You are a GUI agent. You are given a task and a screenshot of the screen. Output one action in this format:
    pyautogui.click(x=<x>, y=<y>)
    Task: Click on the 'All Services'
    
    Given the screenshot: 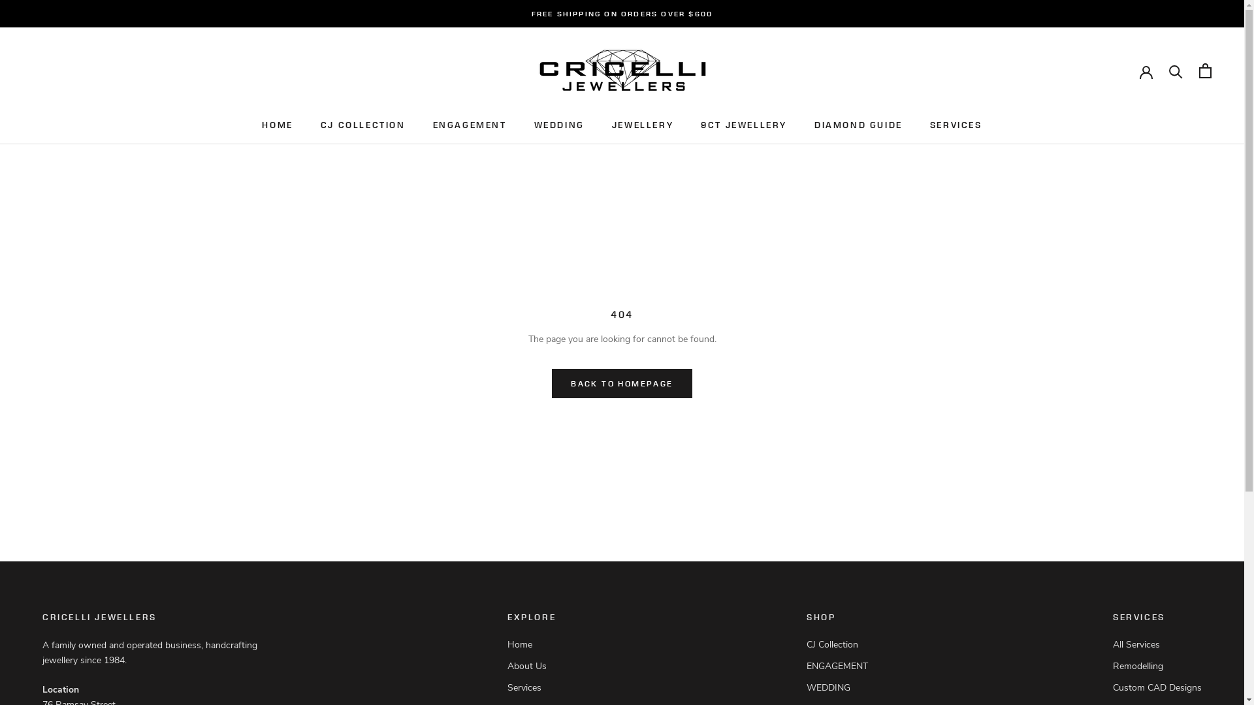 What is the action you would take?
    pyautogui.click(x=1112, y=644)
    